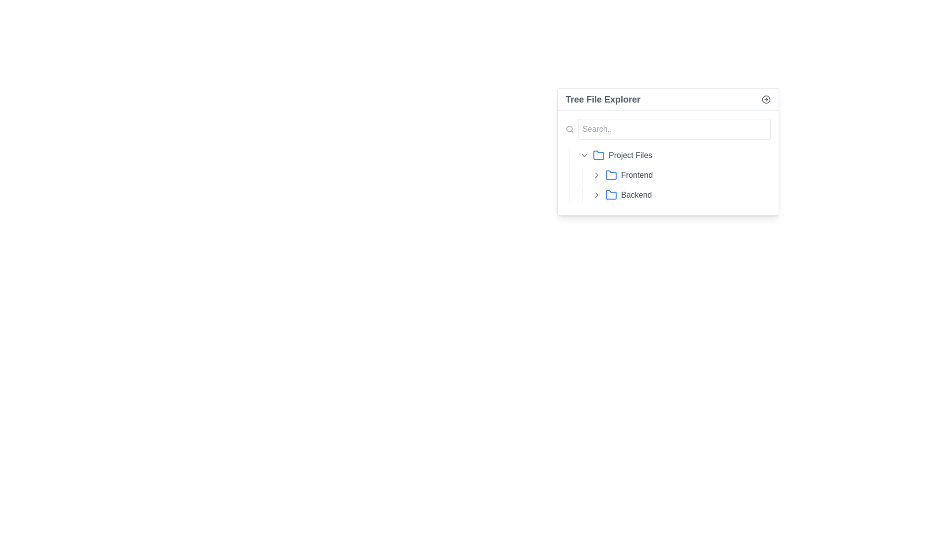  Describe the element at coordinates (694, 175) in the screenshot. I see `the interactive list item labeled 'Frontend' within the 'Tree File Explorer'` at that location.